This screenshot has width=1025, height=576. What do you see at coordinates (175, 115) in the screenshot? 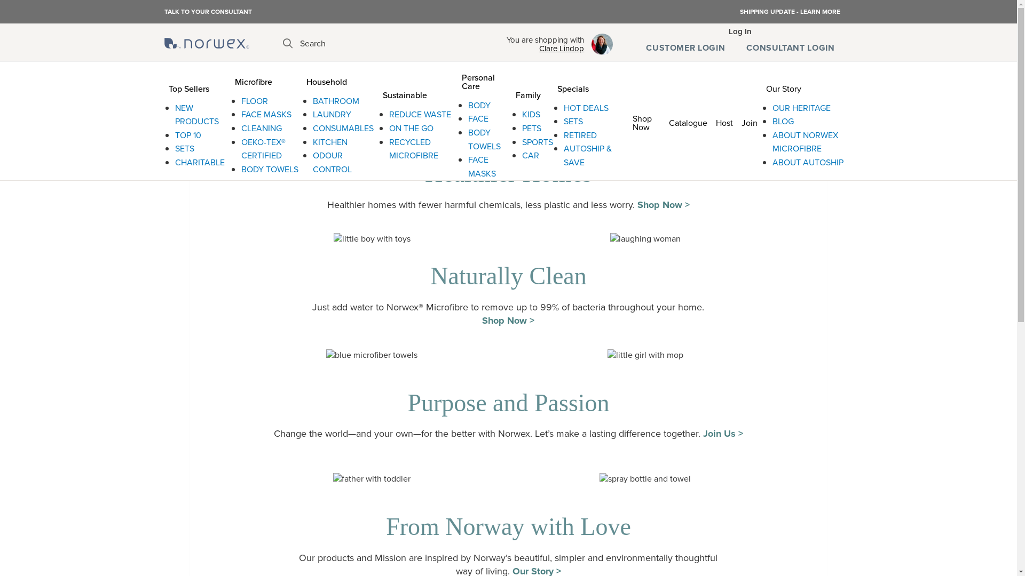
I see `'NEW PRODUCTS'` at bounding box center [175, 115].